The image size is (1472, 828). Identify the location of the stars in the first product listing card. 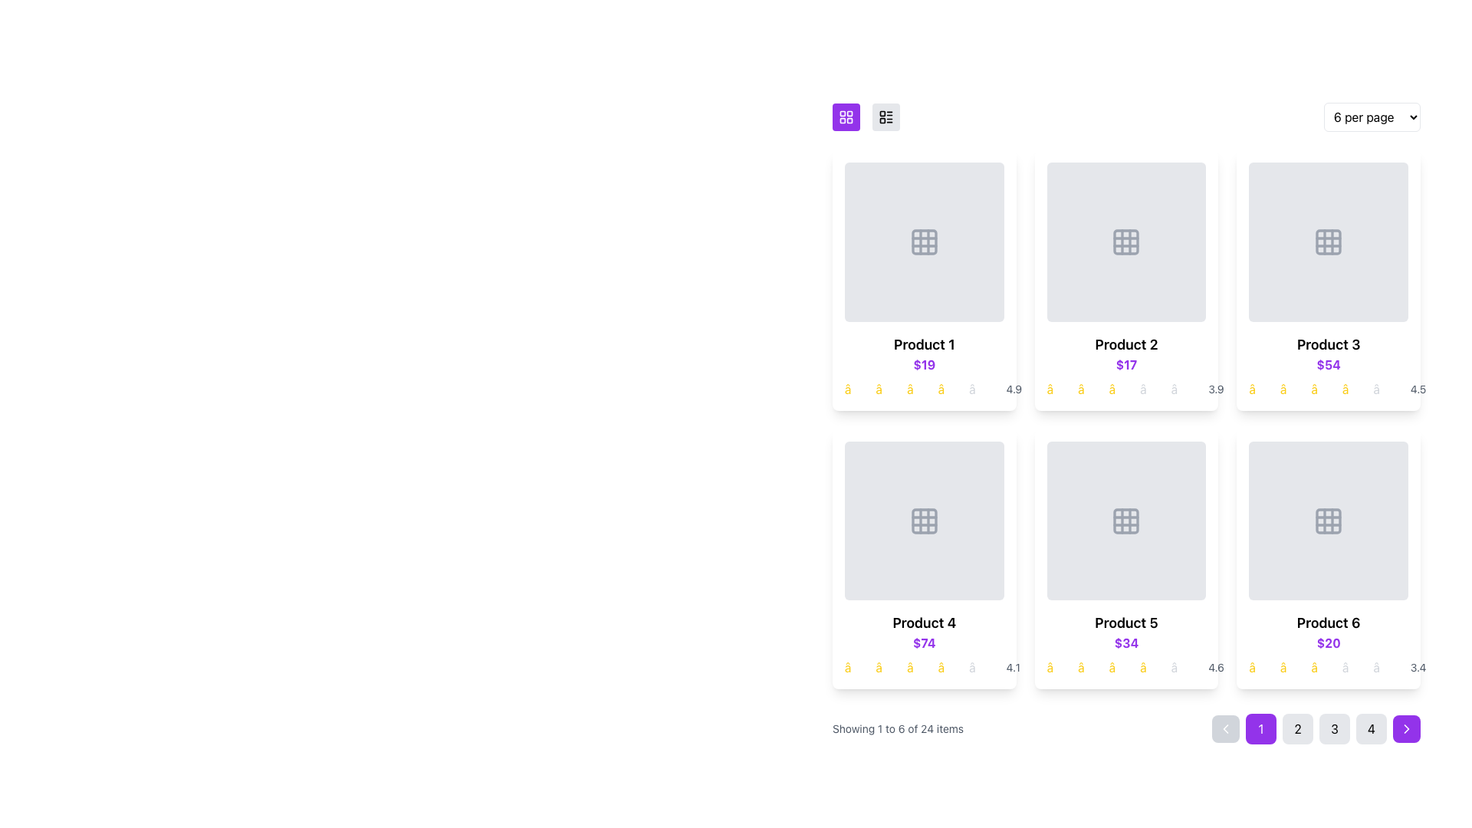
(923, 366).